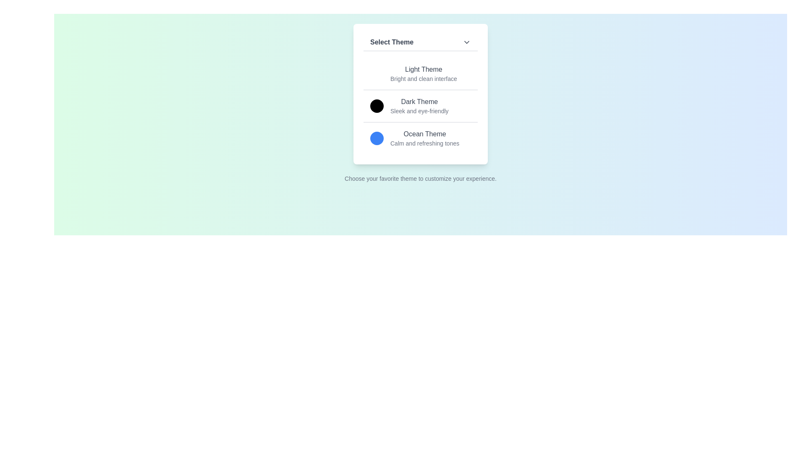 The width and height of the screenshot is (806, 453). Describe the element at coordinates (421, 73) in the screenshot. I see `the theme Light Theme by clicking on its corresponding option` at that location.